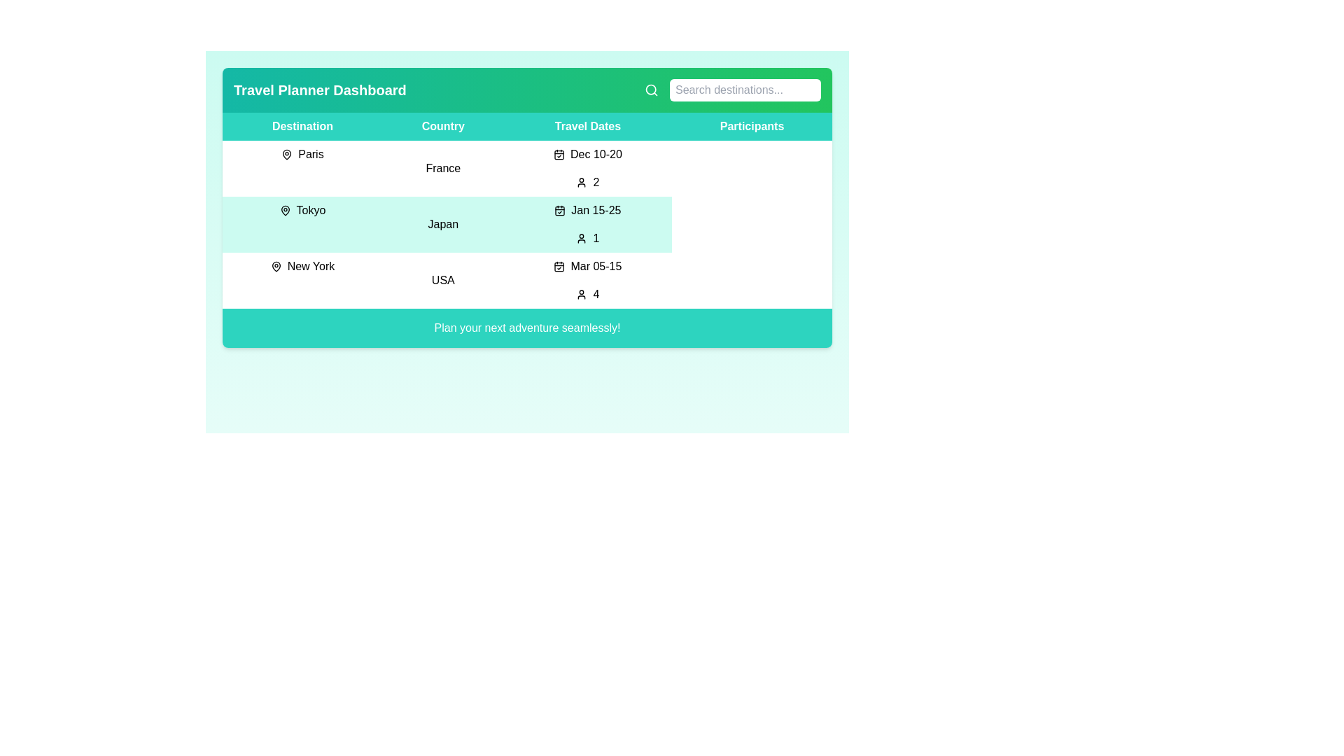  What do you see at coordinates (442, 167) in the screenshot?
I see `the text label identifying the country 'France' for the city 'Paris' in the 'Country' column, positioned between the travel date and participants count columns` at bounding box center [442, 167].